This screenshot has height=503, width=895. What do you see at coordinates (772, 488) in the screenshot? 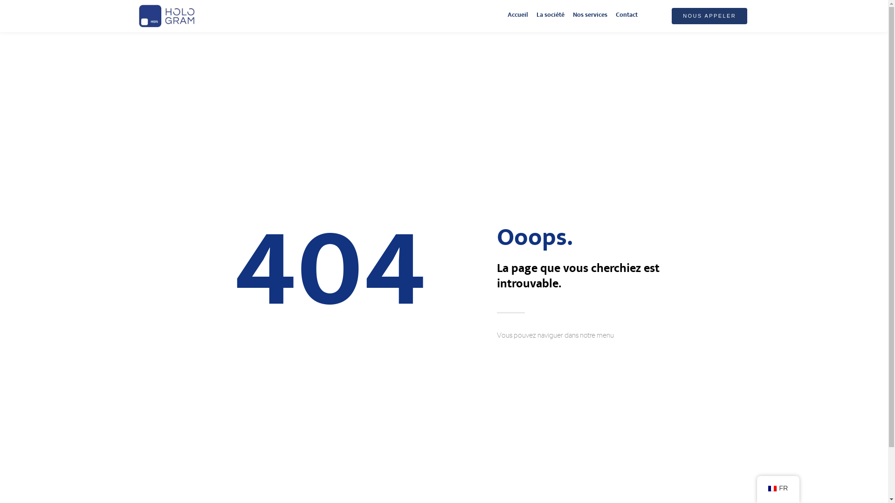
I see `'French'` at bounding box center [772, 488].